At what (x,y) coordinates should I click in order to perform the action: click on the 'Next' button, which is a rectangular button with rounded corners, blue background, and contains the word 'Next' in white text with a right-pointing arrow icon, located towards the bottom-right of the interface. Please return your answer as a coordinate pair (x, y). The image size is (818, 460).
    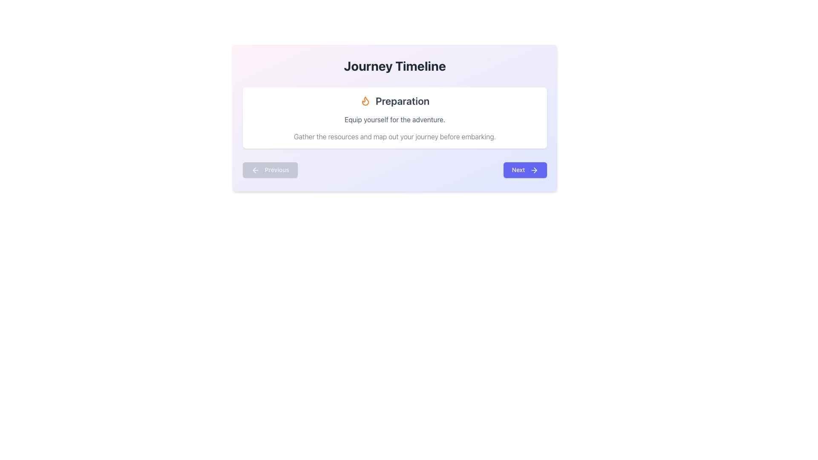
    Looking at the image, I should click on (524, 170).